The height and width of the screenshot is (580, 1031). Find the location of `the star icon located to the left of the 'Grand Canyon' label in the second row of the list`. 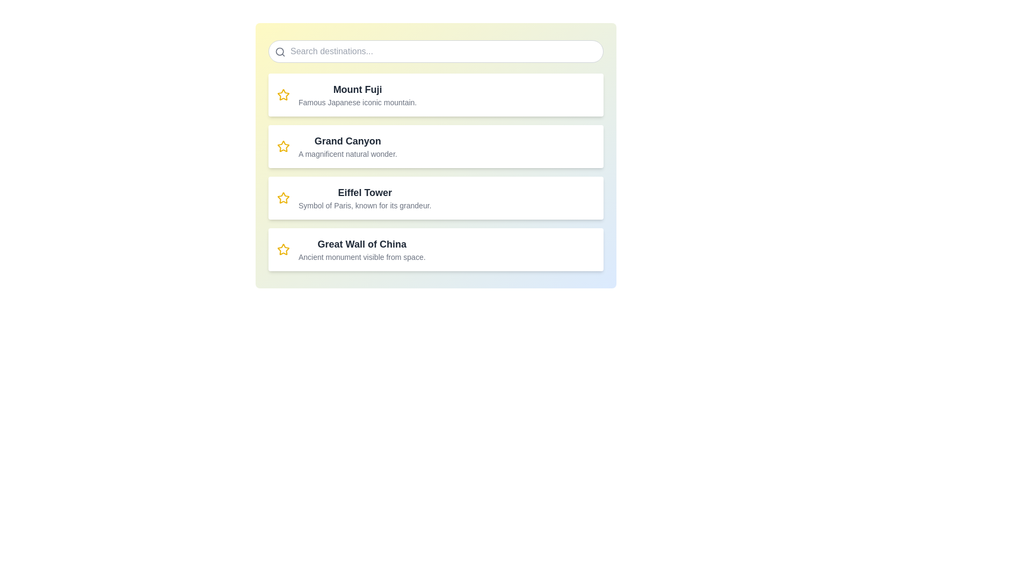

the star icon located to the left of the 'Grand Canyon' label in the second row of the list is located at coordinates (284, 146).